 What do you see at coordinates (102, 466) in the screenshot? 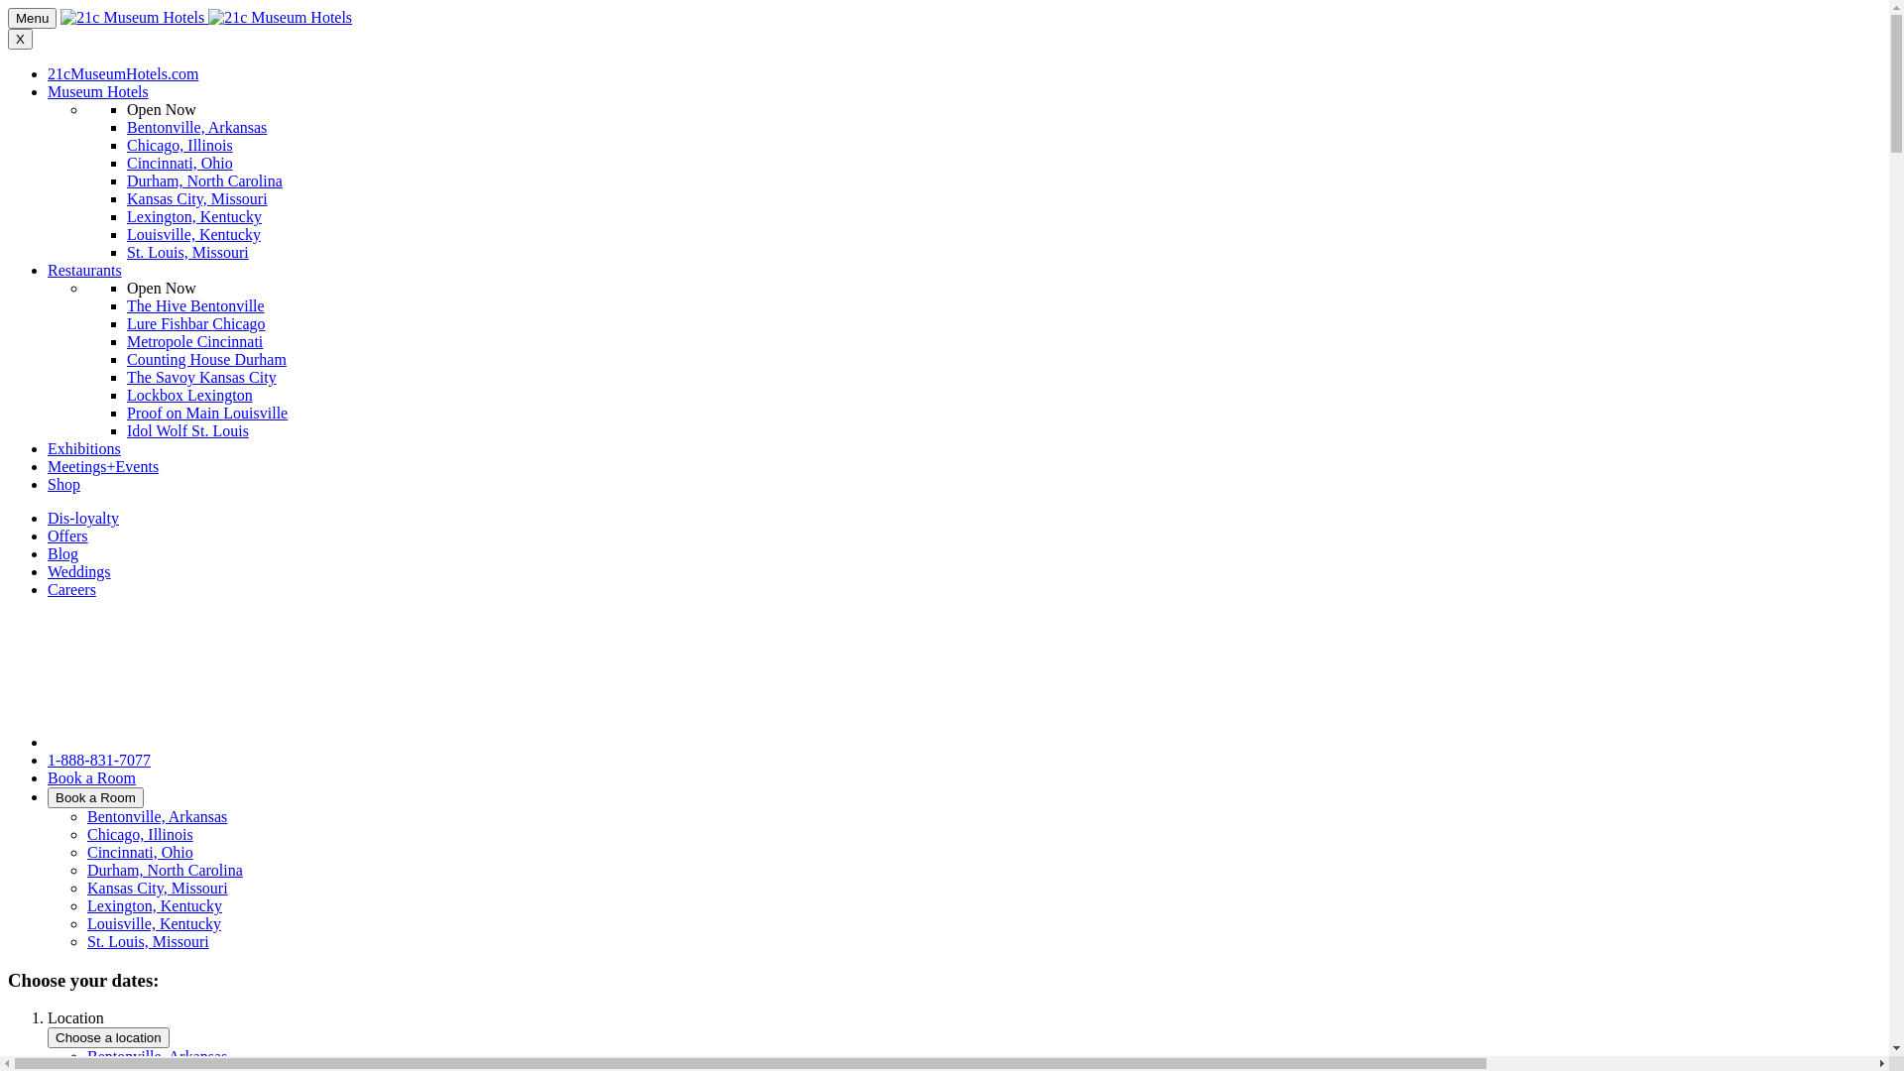
I see `'Meetings+Events'` at bounding box center [102, 466].